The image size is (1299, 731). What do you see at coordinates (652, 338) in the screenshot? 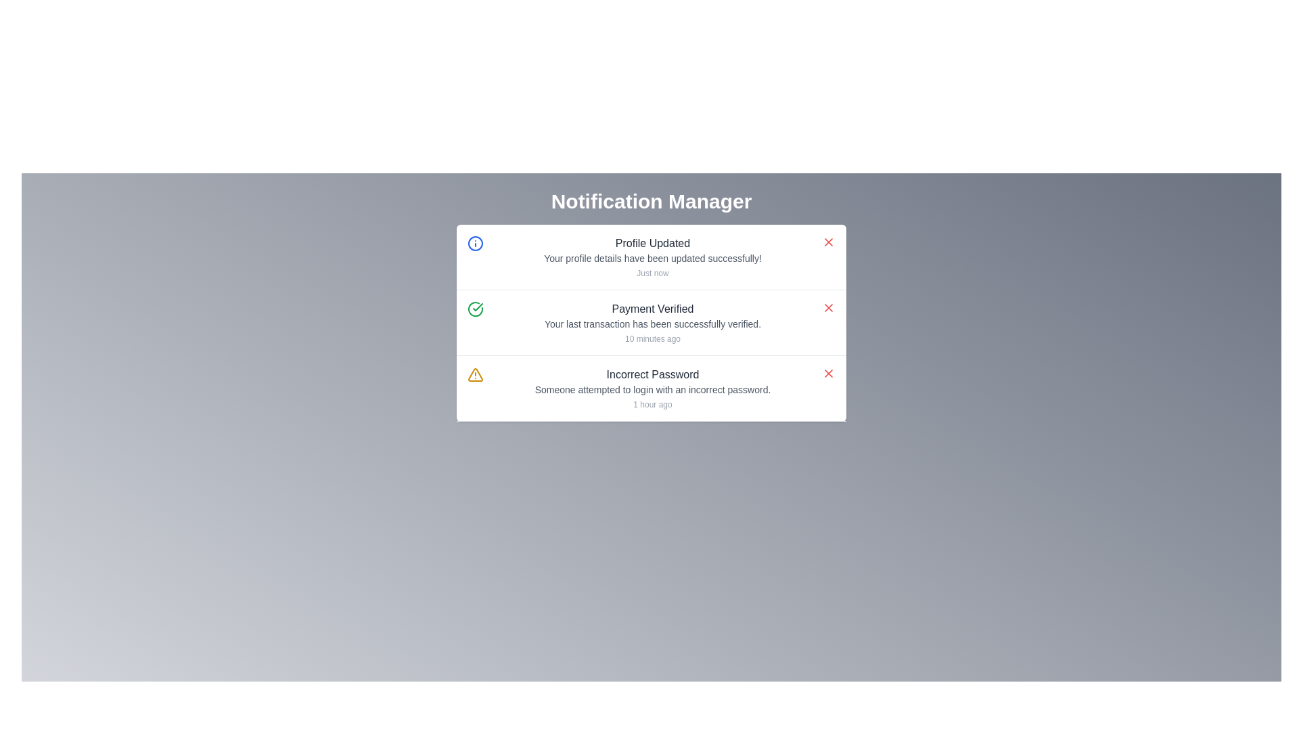
I see `the text label displaying '10 minutes ago', which is styled in gray and located beneath the notification summary in the notification card` at bounding box center [652, 338].